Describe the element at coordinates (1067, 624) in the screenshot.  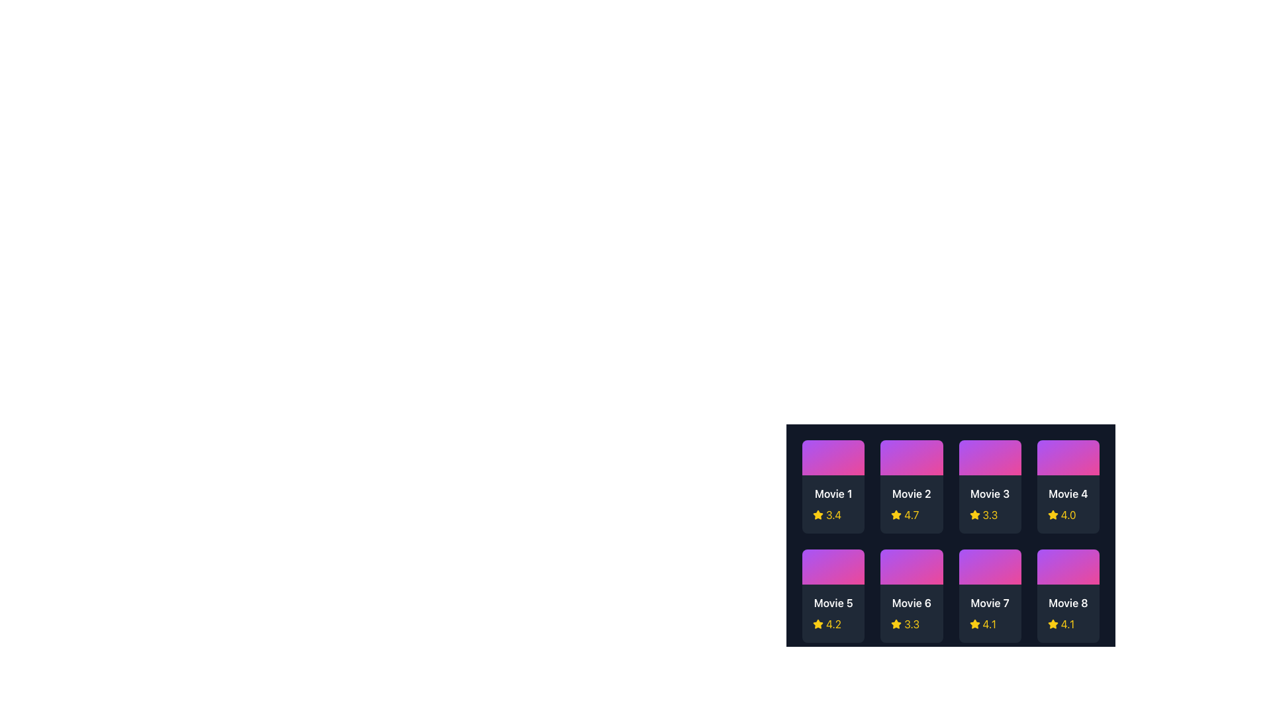
I see `the numerical text label reading '4.1', styled in yellow, located to the right of the yellow star icon, positioned below the 'Movie 8' card in the grid layout` at that location.